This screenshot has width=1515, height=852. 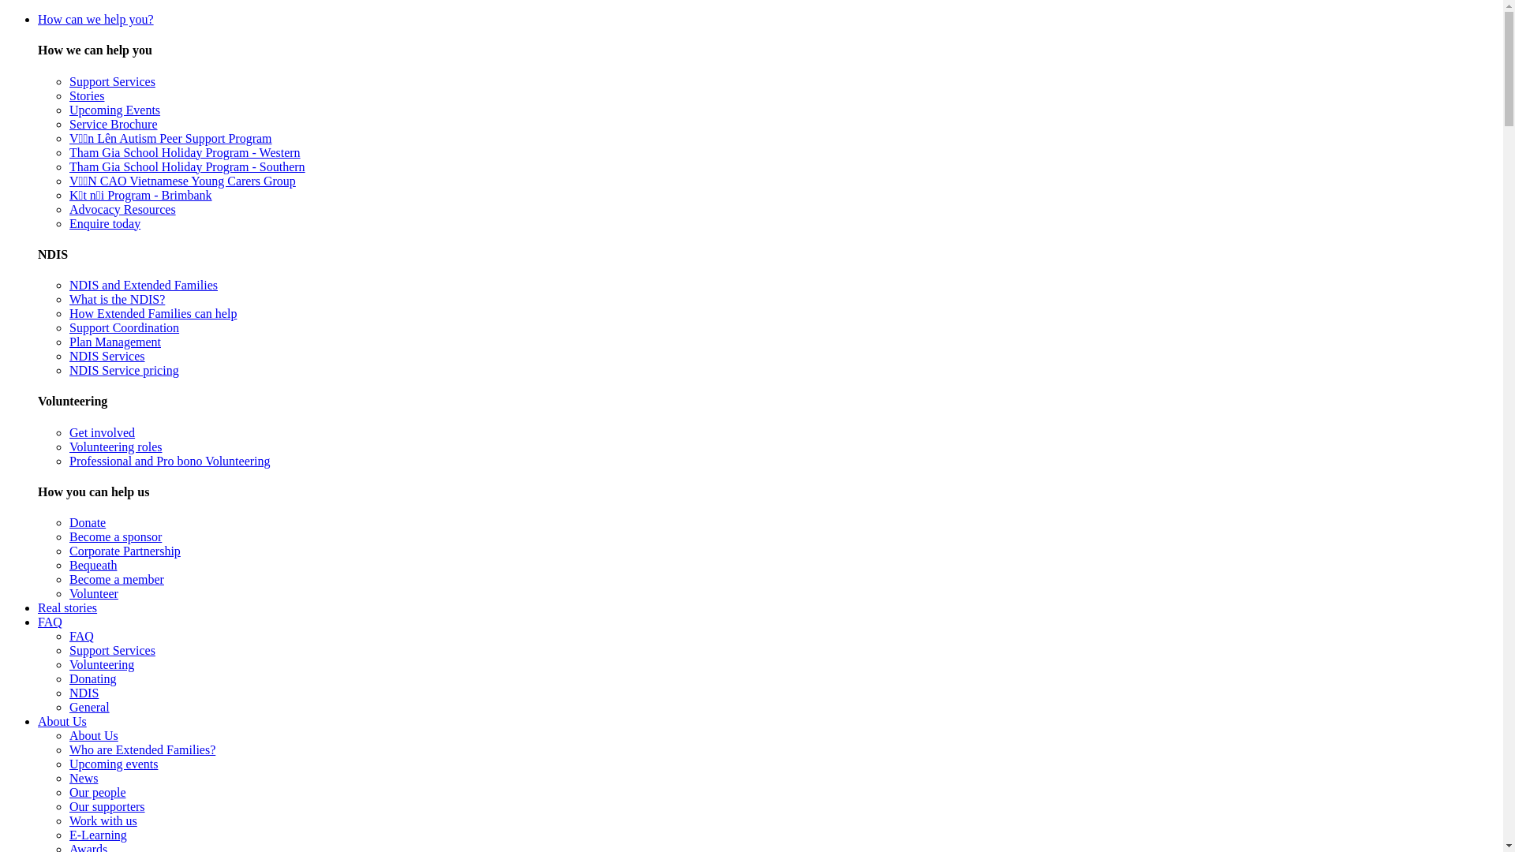 What do you see at coordinates (86, 522) in the screenshot?
I see `'Donate'` at bounding box center [86, 522].